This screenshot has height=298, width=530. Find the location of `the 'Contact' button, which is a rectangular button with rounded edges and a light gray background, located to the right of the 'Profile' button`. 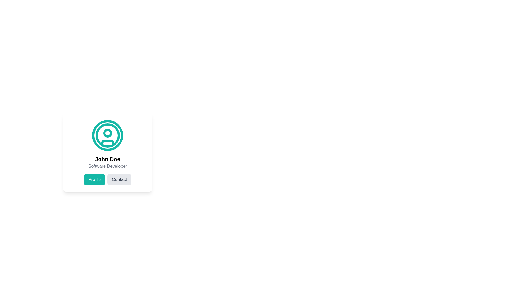

the 'Contact' button, which is a rectangular button with rounded edges and a light gray background, located to the right of the 'Profile' button is located at coordinates (119, 180).